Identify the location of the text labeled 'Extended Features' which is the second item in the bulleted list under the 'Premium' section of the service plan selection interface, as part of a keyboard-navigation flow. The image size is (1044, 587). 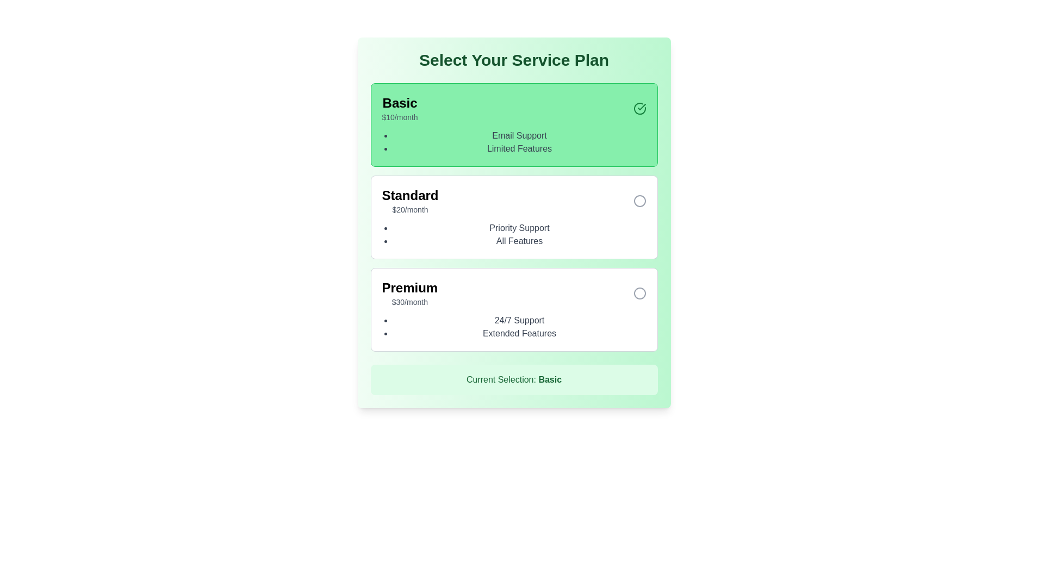
(519, 333).